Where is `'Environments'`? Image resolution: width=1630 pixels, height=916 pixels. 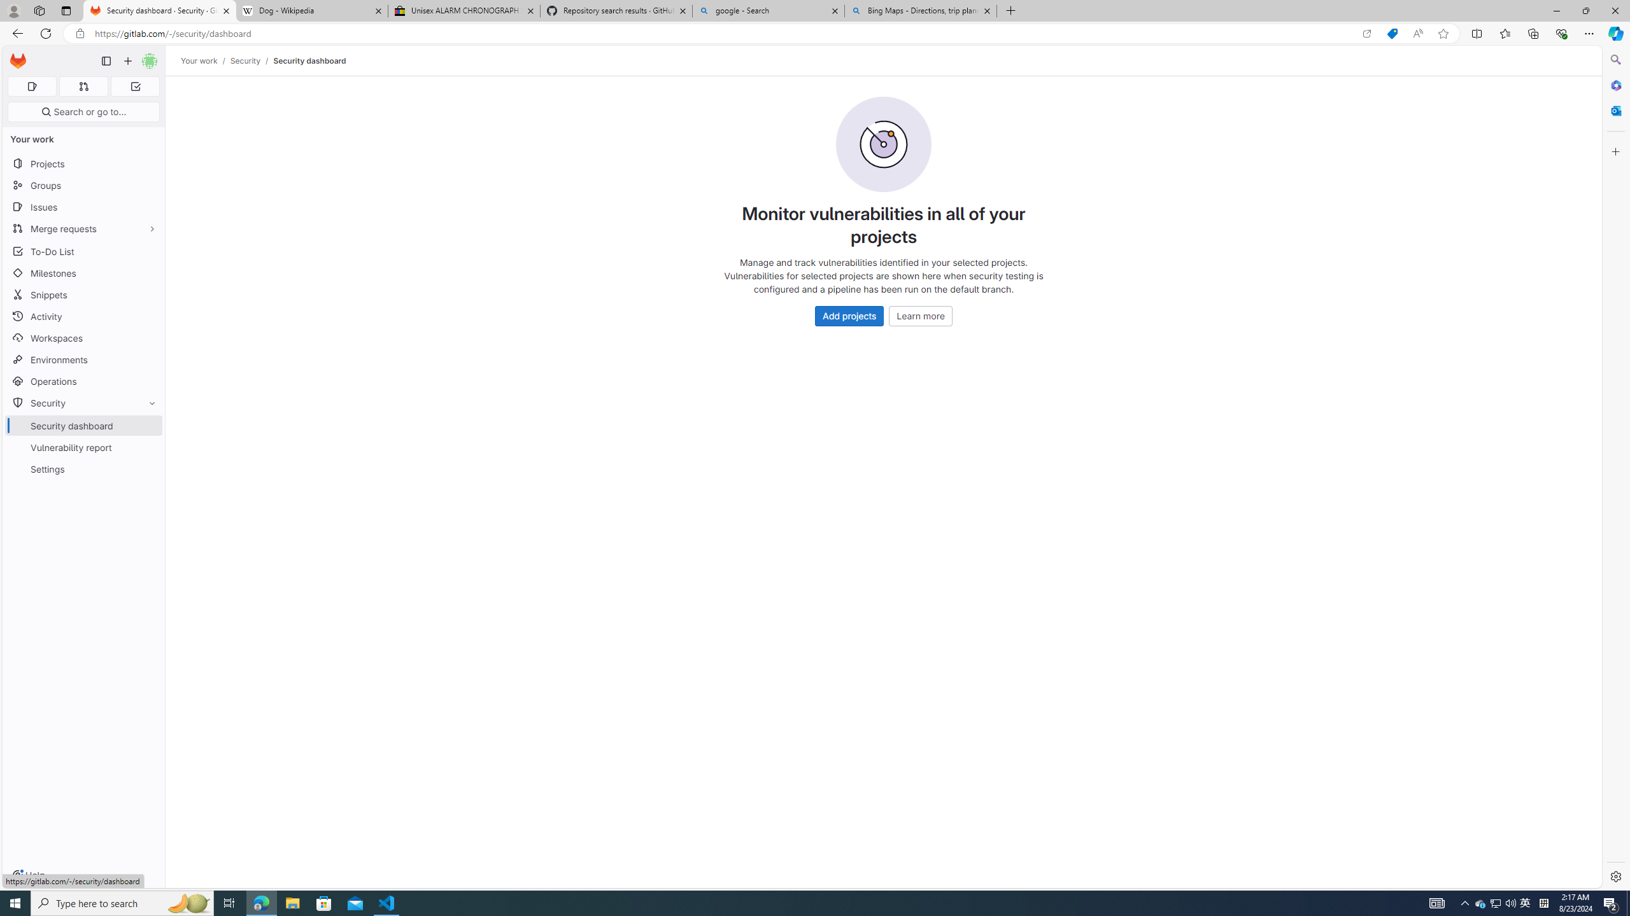 'Environments' is located at coordinates (83, 359).